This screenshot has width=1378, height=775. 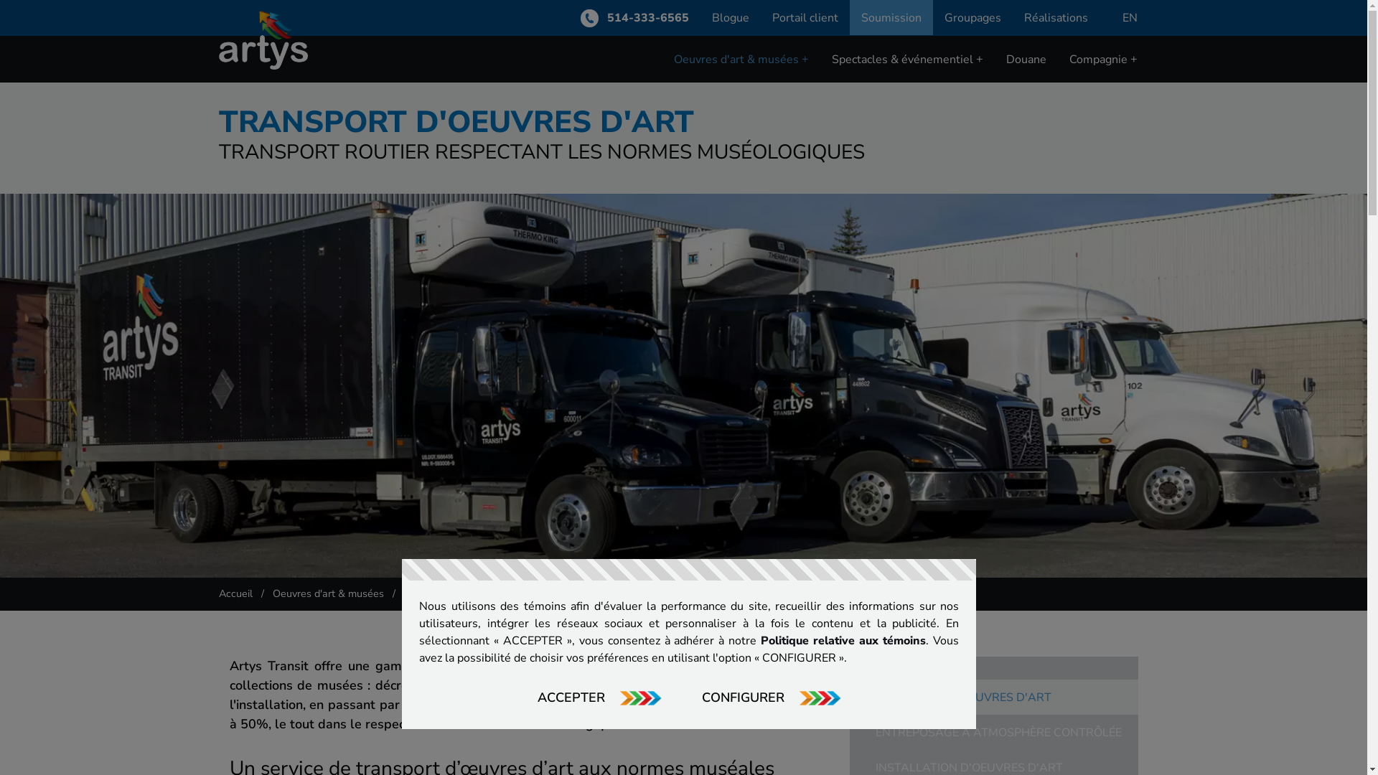 What do you see at coordinates (1101, 91) in the screenshot?
I see `'Emploi'` at bounding box center [1101, 91].